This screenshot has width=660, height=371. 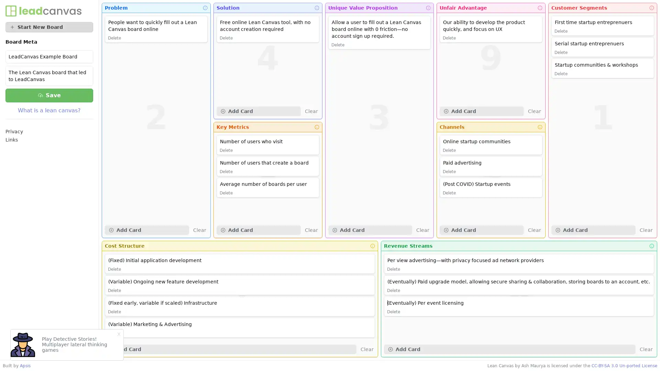 I want to click on Delete, so click(x=338, y=45).